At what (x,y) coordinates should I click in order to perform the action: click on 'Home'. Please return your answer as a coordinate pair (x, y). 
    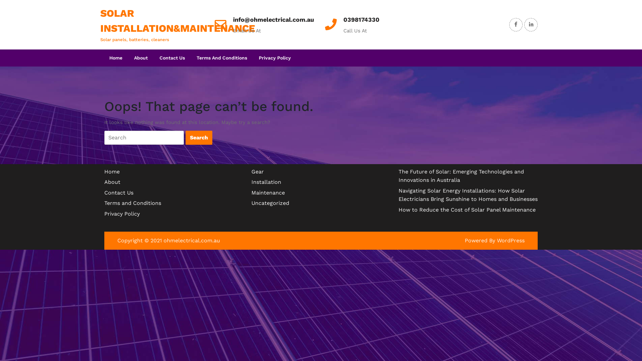
    Looking at the image, I should click on (104, 171).